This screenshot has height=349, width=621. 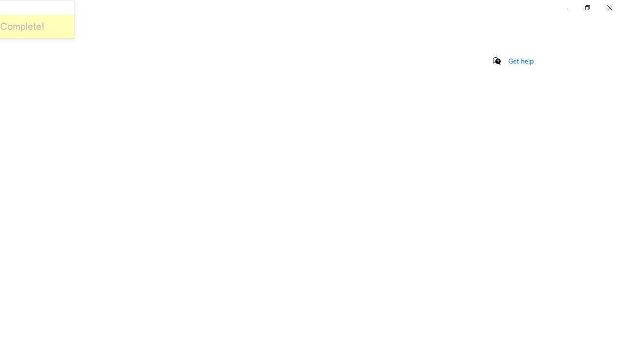 What do you see at coordinates (609, 7) in the screenshot?
I see `'Close Settings'` at bounding box center [609, 7].